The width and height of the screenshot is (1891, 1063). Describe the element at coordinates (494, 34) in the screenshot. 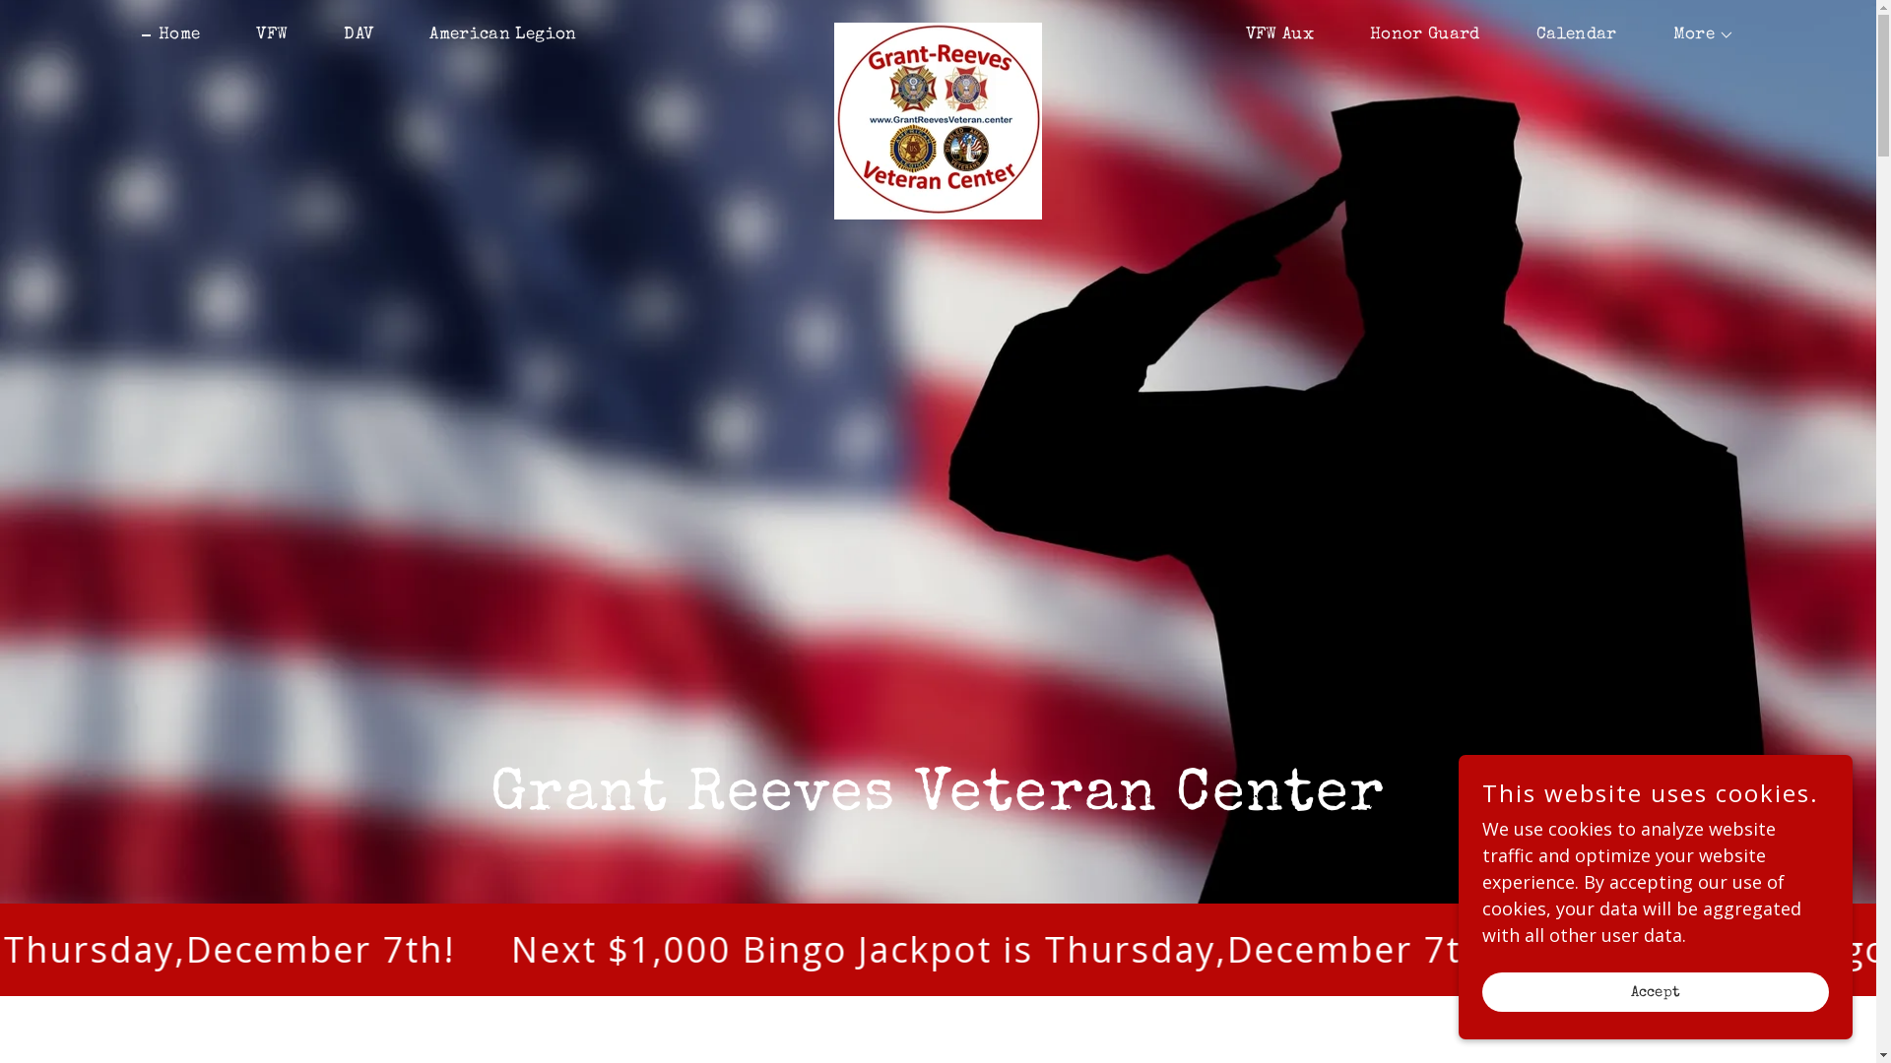

I see `'American Legion'` at that location.